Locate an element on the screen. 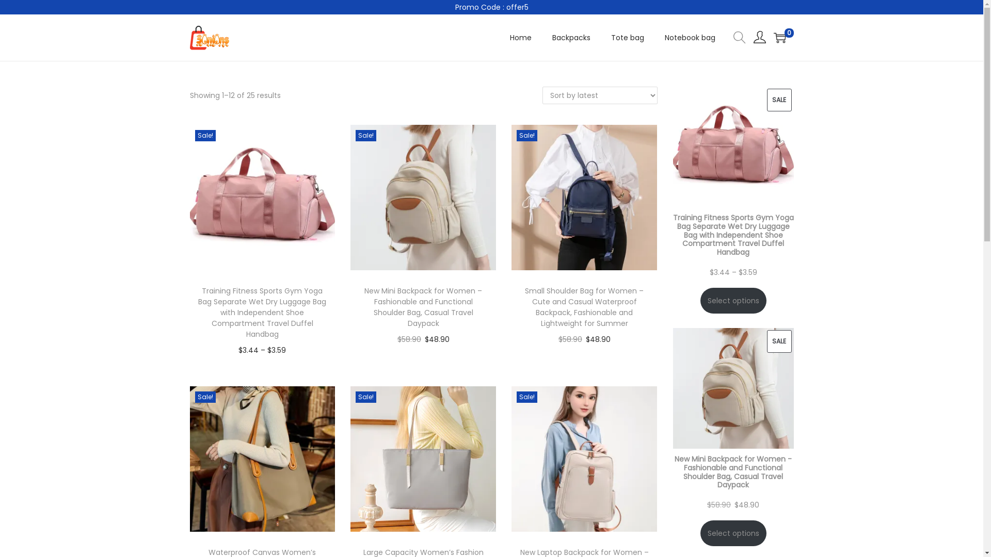  'Home' is located at coordinates (510, 37).